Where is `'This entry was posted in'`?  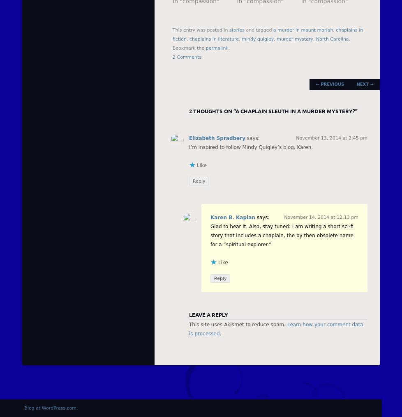
'This entry was posted in' is located at coordinates (201, 30).